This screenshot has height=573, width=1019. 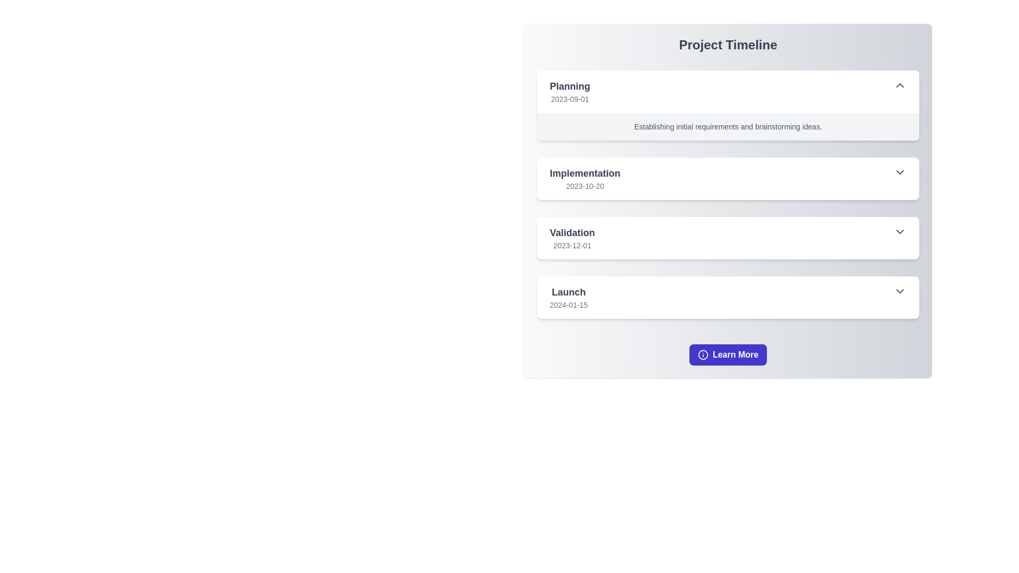 What do you see at coordinates (584, 173) in the screenshot?
I see `the Text label that serves as the header for the 'Implementation' phase in the project timeline, located above the date '2023-10-20'` at bounding box center [584, 173].